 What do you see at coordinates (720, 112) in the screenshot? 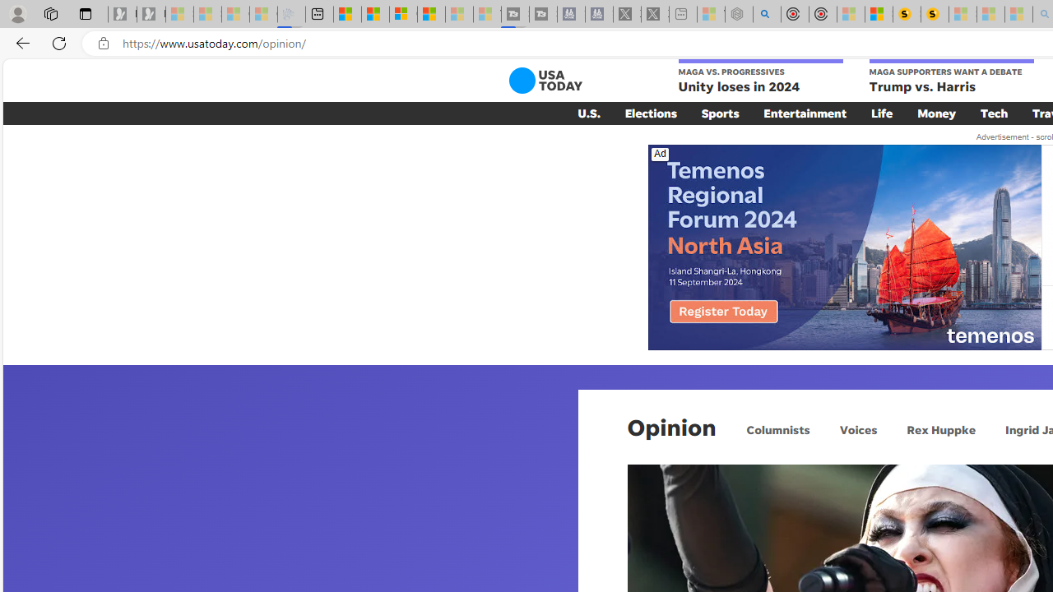
I see `'Sports'` at bounding box center [720, 112].